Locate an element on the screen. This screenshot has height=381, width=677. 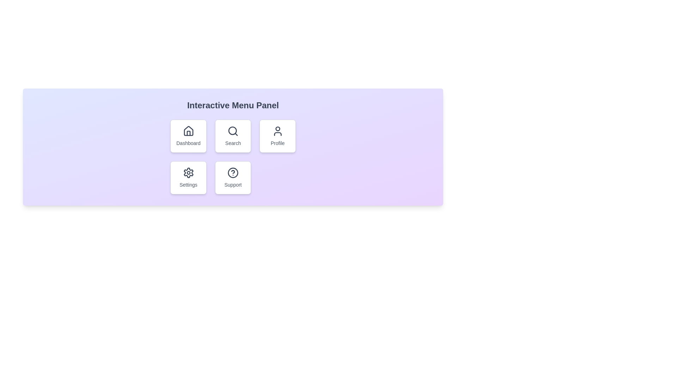
the text label within the button located in the second position of the top row in the button panel, which describes the function of the button likely triggering a search action is located at coordinates (233, 143).